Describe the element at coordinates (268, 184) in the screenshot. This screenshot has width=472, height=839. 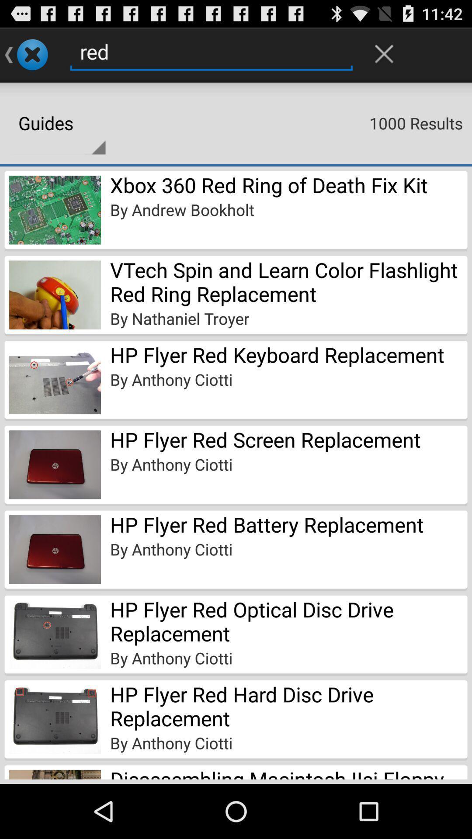
I see `the xbox 360 red` at that location.